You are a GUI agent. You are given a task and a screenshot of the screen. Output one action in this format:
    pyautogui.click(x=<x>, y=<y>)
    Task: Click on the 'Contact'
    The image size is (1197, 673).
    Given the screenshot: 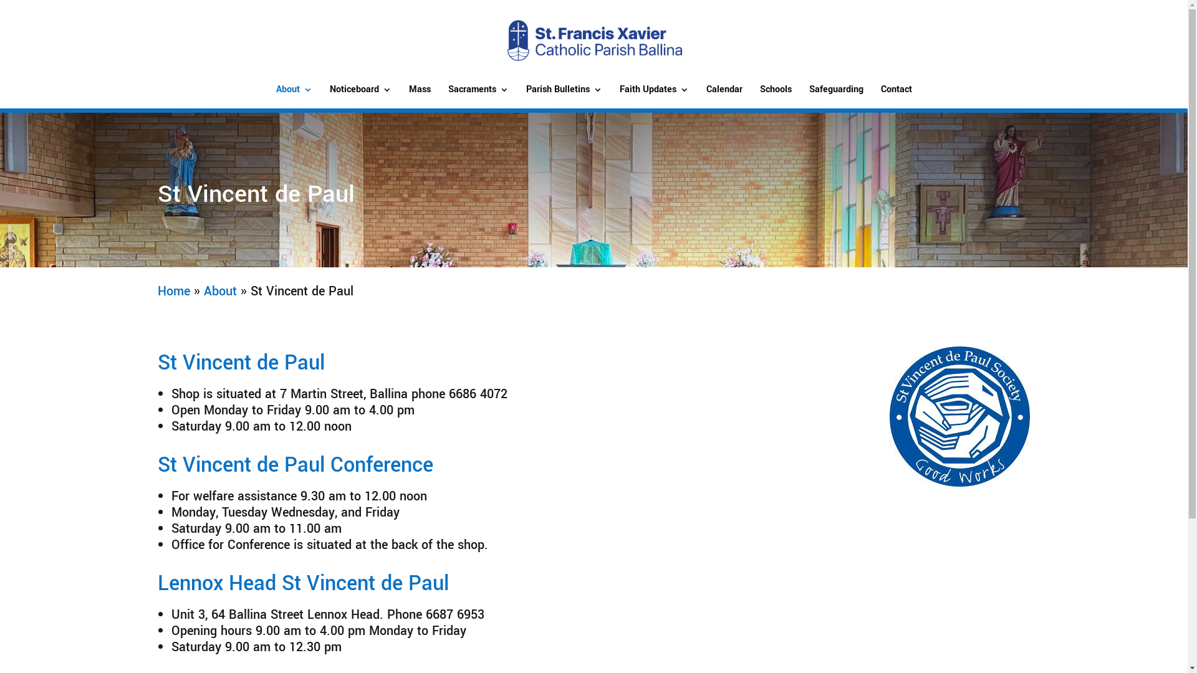 What is the action you would take?
    pyautogui.click(x=879, y=96)
    